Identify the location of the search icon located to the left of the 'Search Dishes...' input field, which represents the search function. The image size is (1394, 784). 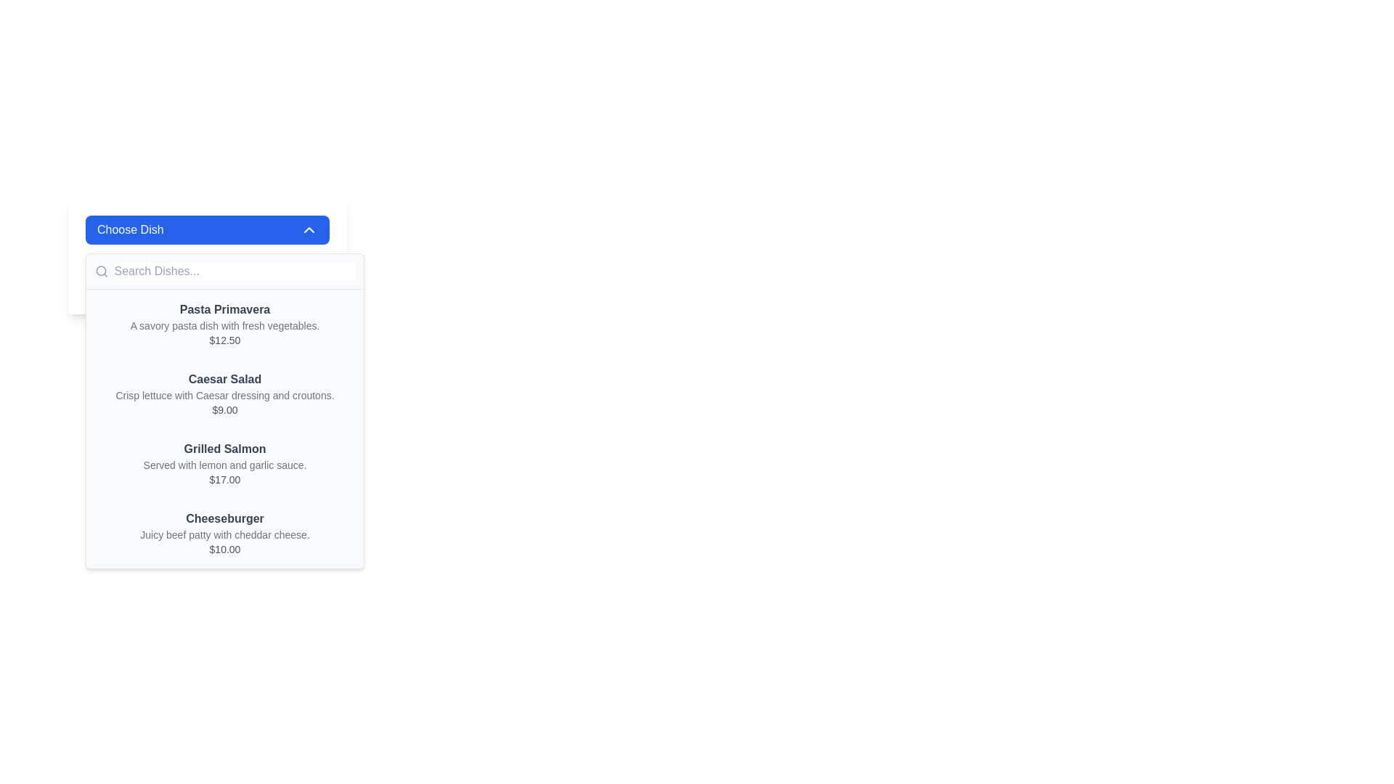
(101, 271).